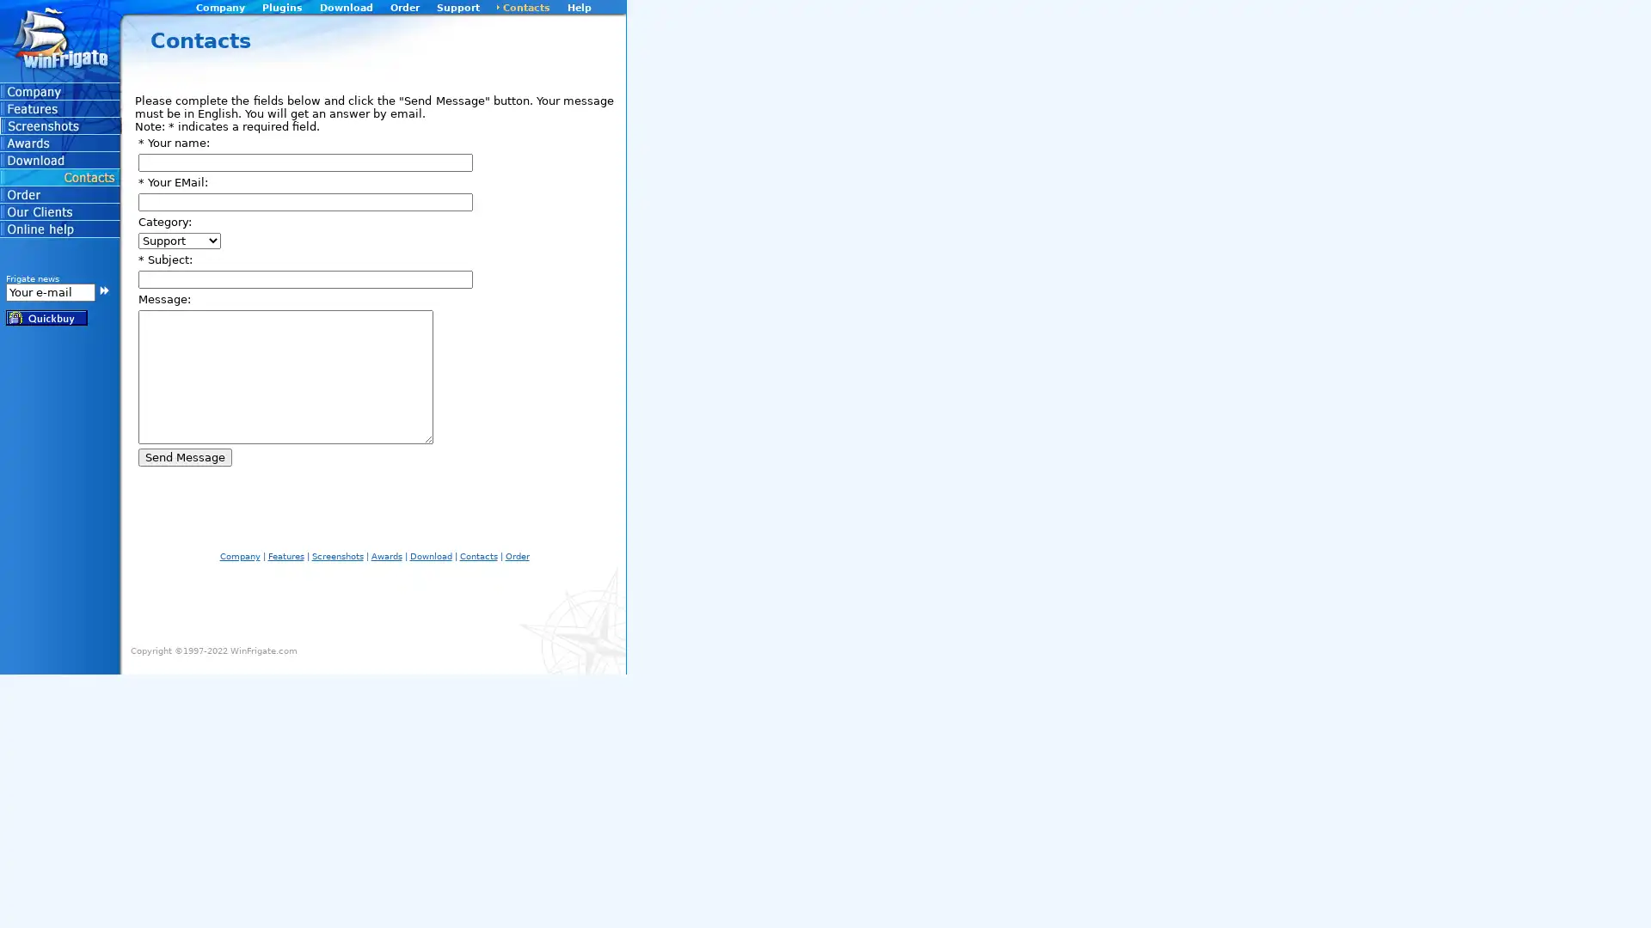 The height and width of the screenshot is (928, 1651). Describe the element at coordinates (185, 456) in the screenshot. I see `Send Message` at that location.